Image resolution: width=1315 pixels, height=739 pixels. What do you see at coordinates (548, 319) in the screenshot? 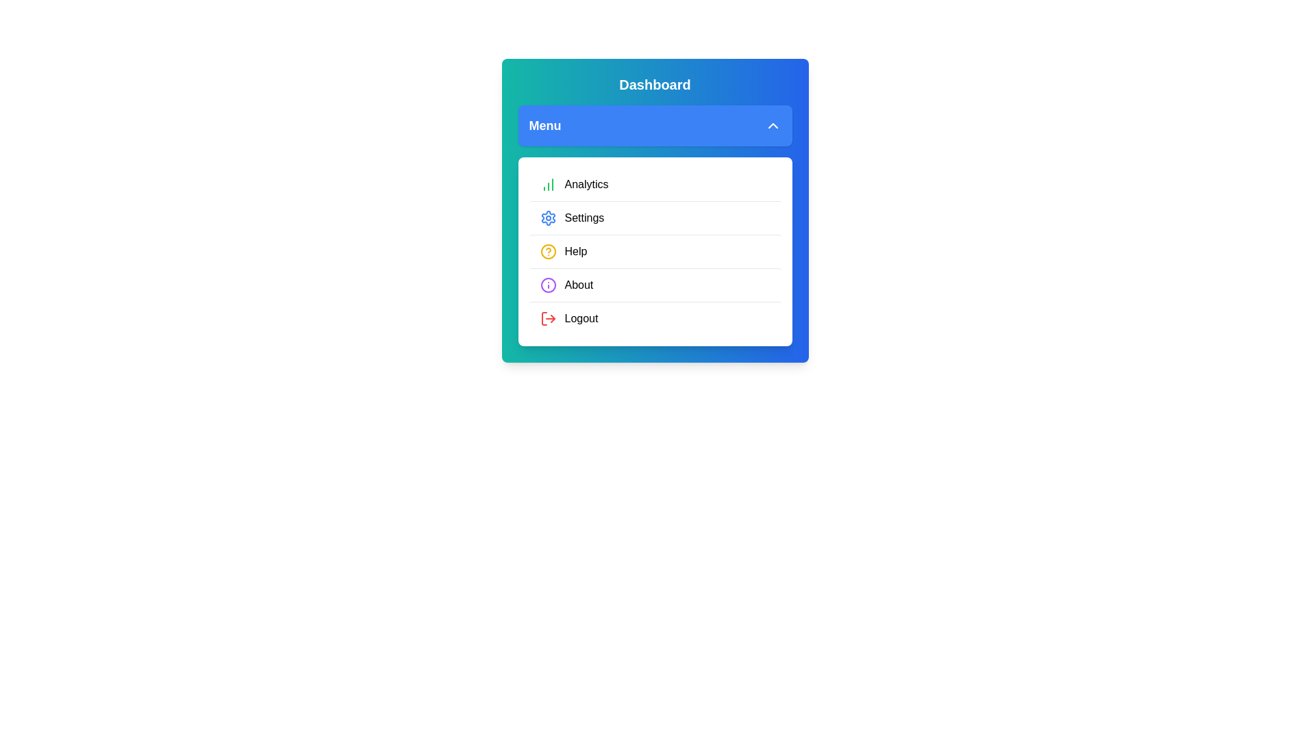
I see `the red logout arrow icon located to the left of the 'Logout' text in the dropdown menu` at bounding box center [548, 319].